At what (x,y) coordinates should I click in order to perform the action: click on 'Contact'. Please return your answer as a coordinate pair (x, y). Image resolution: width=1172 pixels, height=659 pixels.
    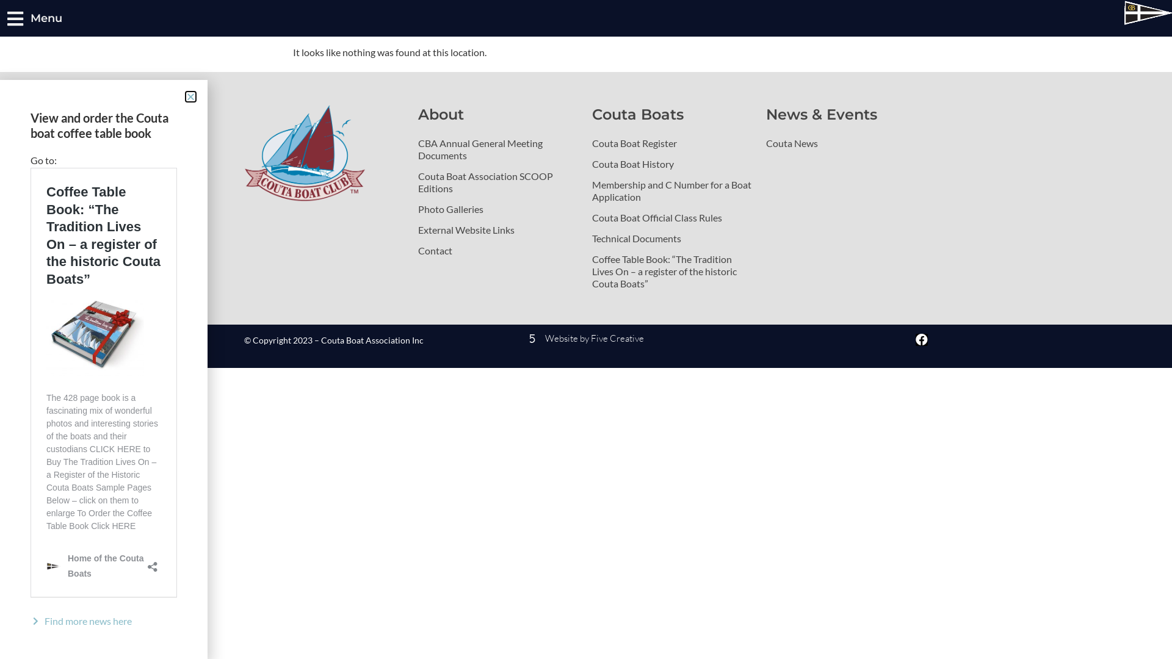
    Looking at the image, I should click on (499, 250).